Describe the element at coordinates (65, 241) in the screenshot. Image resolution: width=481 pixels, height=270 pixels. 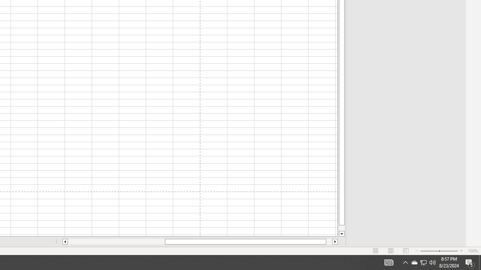
I see `'Column left'` at that location.